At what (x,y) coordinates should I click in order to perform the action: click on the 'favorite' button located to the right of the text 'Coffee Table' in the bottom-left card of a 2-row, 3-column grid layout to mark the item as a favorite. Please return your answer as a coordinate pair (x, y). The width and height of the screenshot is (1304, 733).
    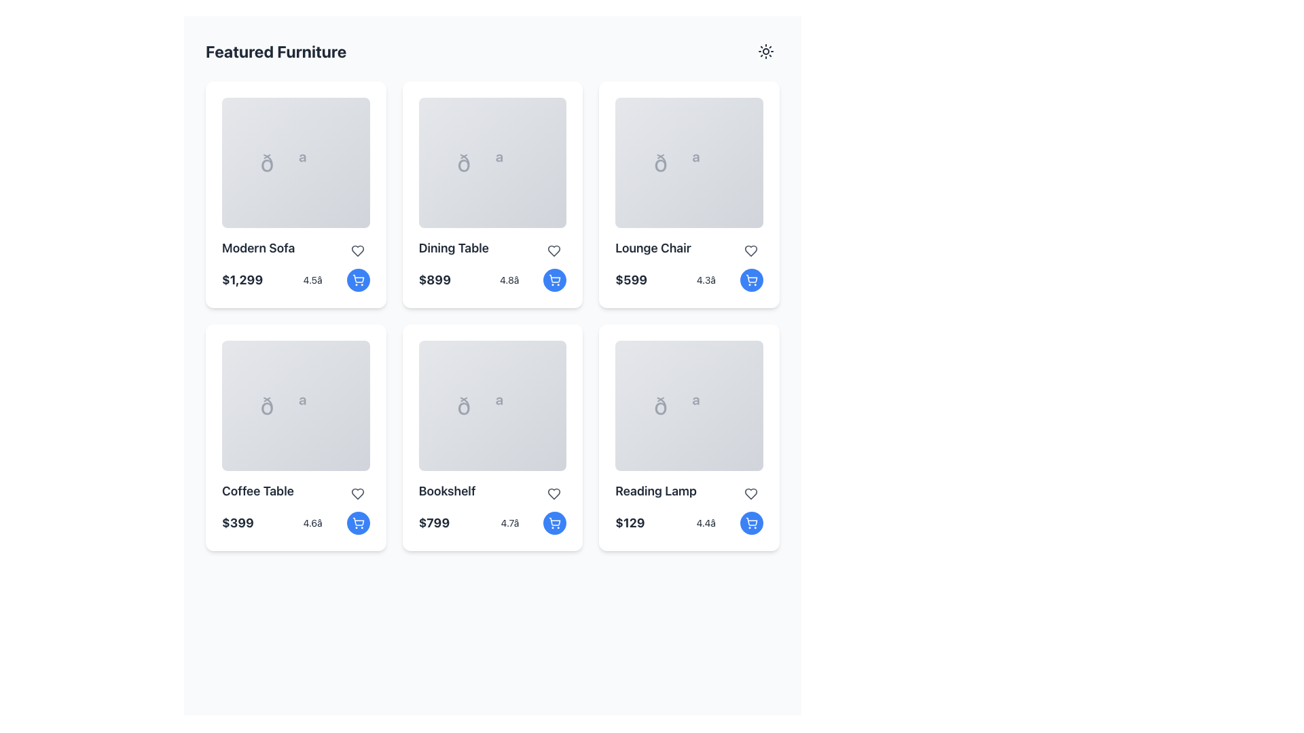
    Looking at the image, I should click on (357, 494).